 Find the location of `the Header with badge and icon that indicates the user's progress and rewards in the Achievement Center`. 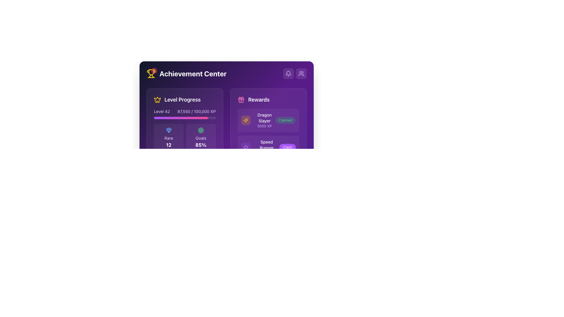

the Header with badge and icon that indicates the user's progress and rewards in the Achievement Center is located at coordinates (186, 73).